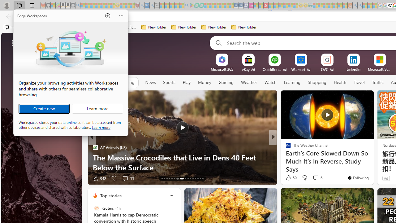 Image resolution: width=396 pixels, height=223 pixels. What do you see at coordinates (203, 179) in the screenshot?
I see `'AutomationID: tab-28'` at bounding box center [203, 179].